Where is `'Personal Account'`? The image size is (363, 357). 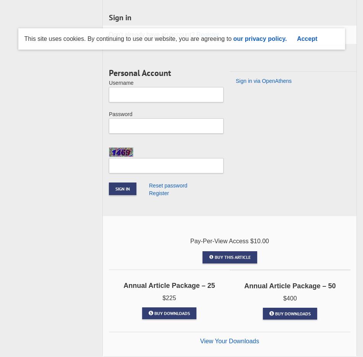 'Personal Account' is located at coordinates (109, 72).